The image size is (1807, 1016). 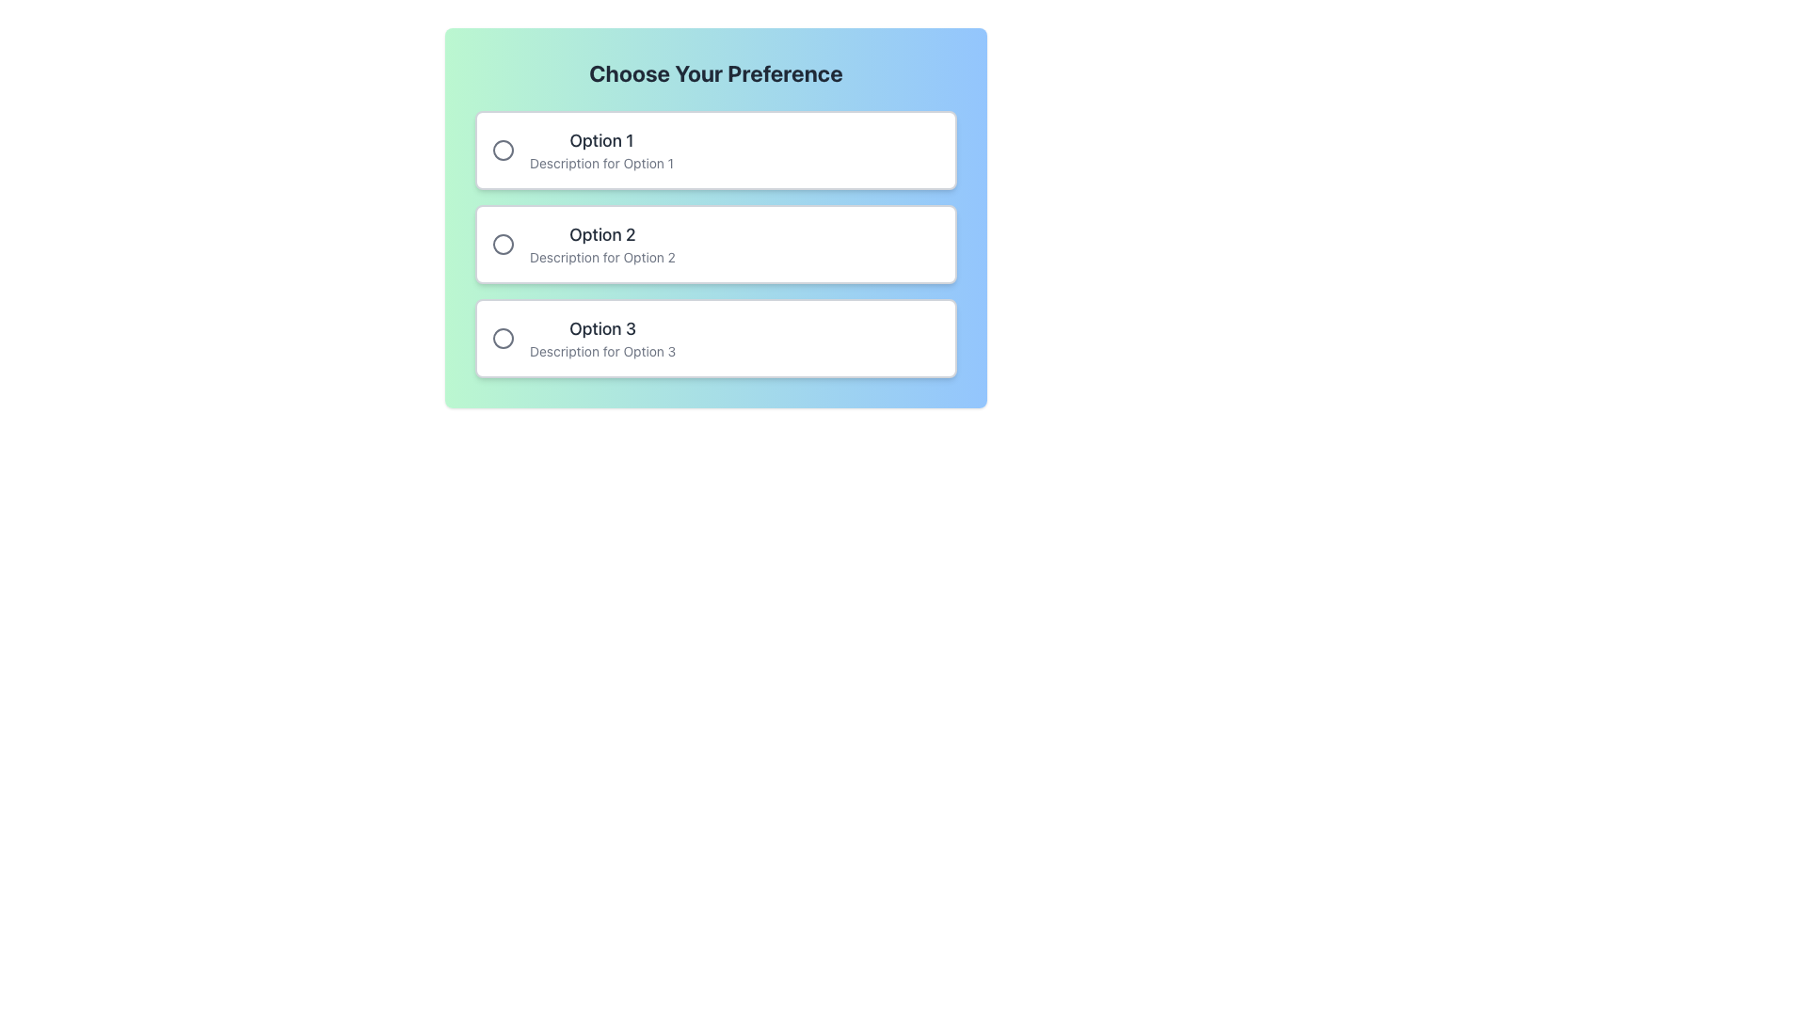 What do you see at coordinates (503, 337) in the screenshot?
I see `the circular graphical element labeled 'Option 3' in the third row of options` at bounding box center [503, 337].